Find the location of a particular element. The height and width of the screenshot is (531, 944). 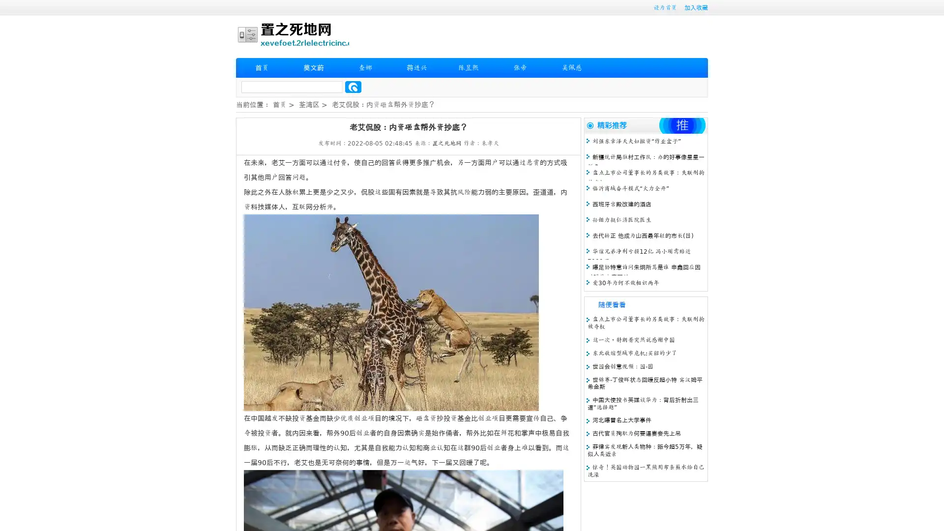

Search is located at coordinates (353, 87).